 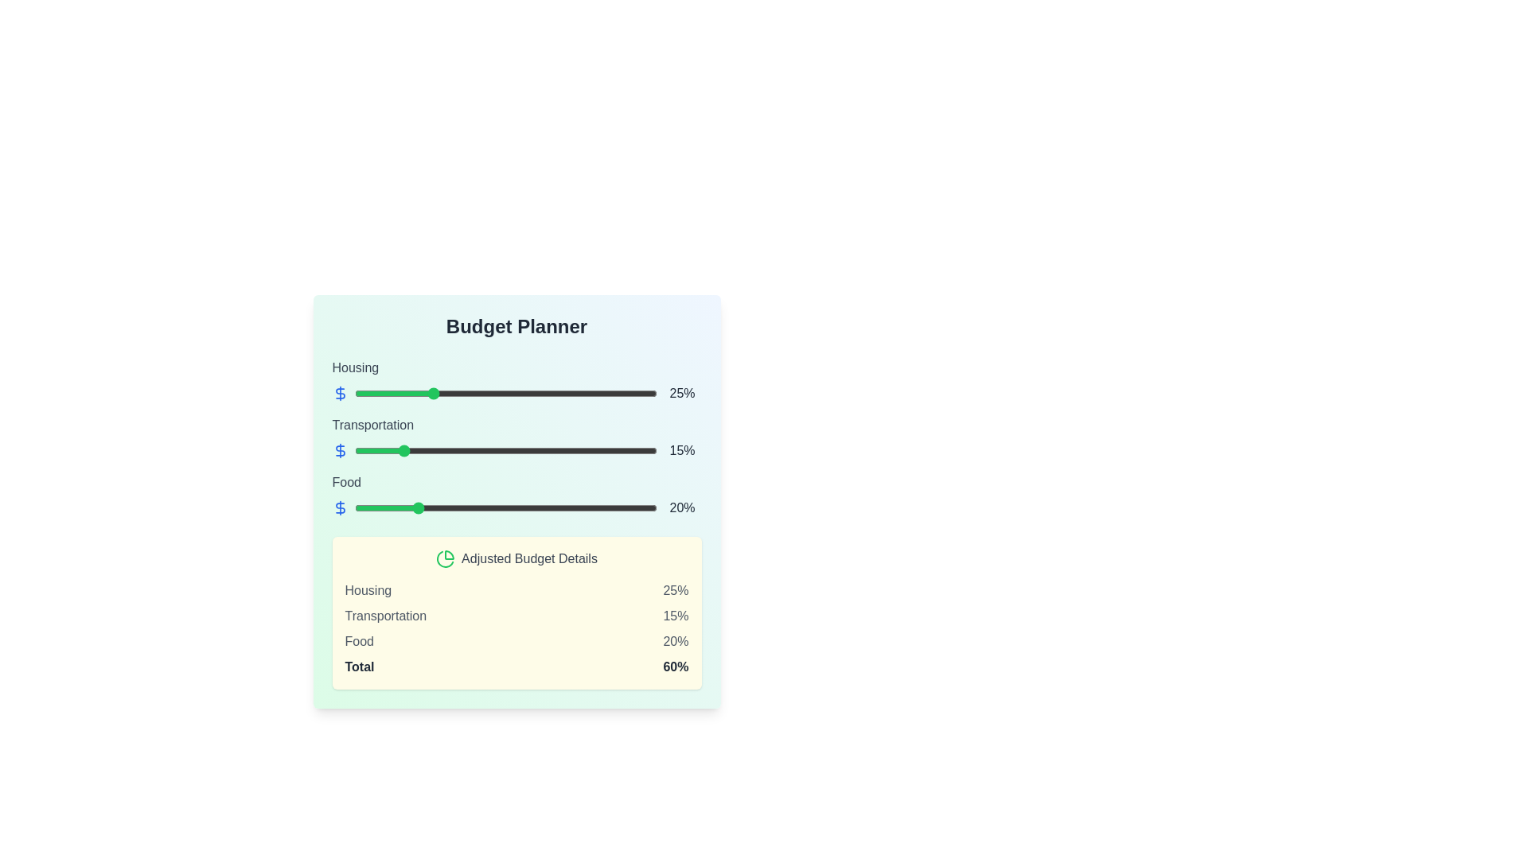 I want to click on the text label displaying the word 'Housing', which is located in the 'Adjusted Budget Details' section at the top left of the summary box, so click(x=367, y=591).